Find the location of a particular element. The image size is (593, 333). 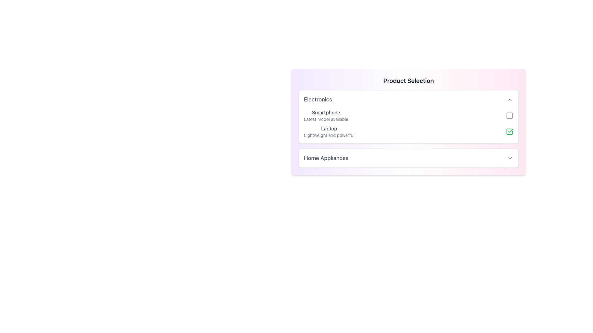

the checkbox associated with the laptop product in the Electronics section is located at coordinates (409, 131).